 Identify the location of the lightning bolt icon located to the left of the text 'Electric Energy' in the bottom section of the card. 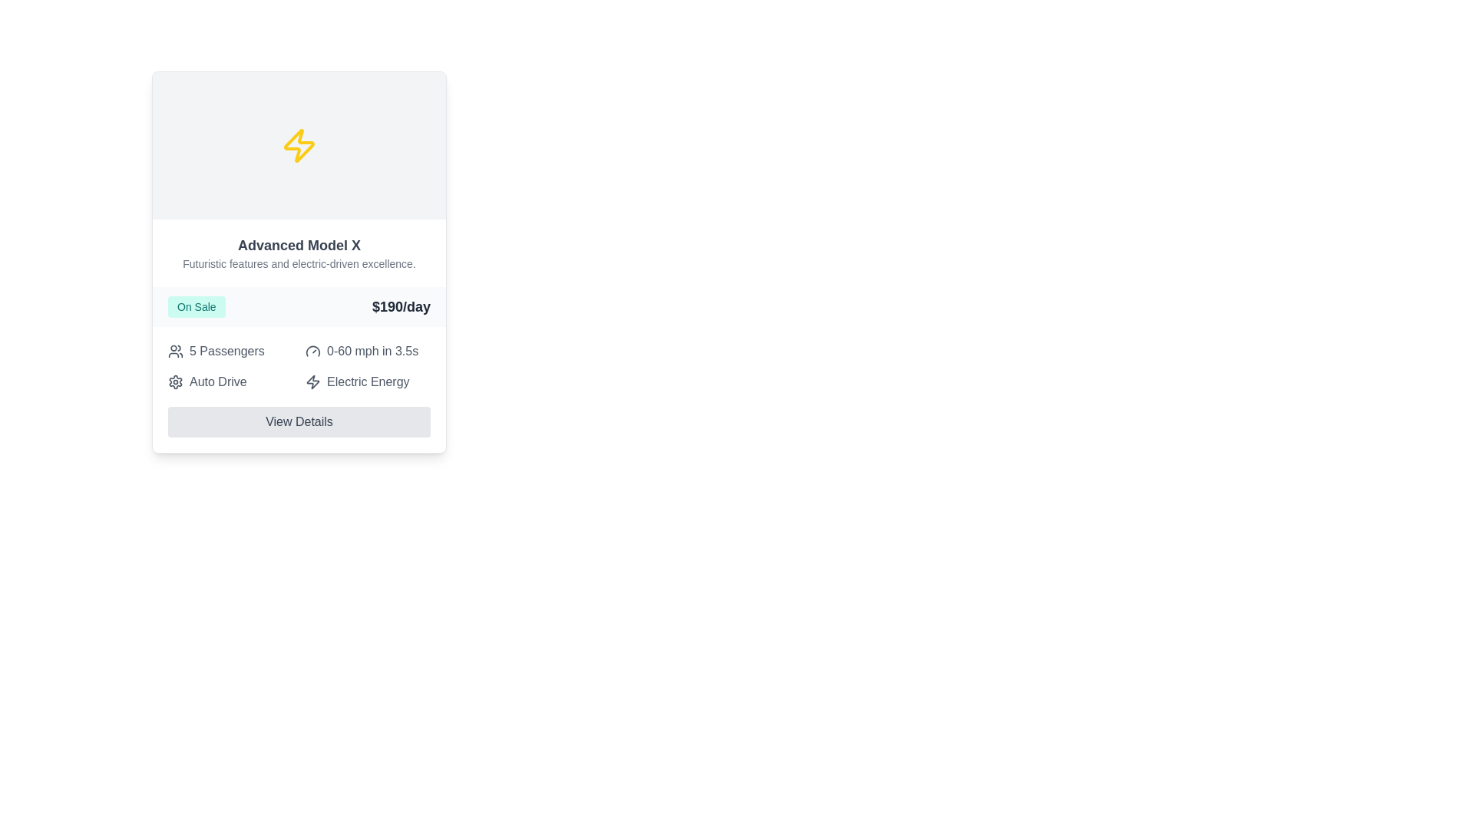
(312, 381).